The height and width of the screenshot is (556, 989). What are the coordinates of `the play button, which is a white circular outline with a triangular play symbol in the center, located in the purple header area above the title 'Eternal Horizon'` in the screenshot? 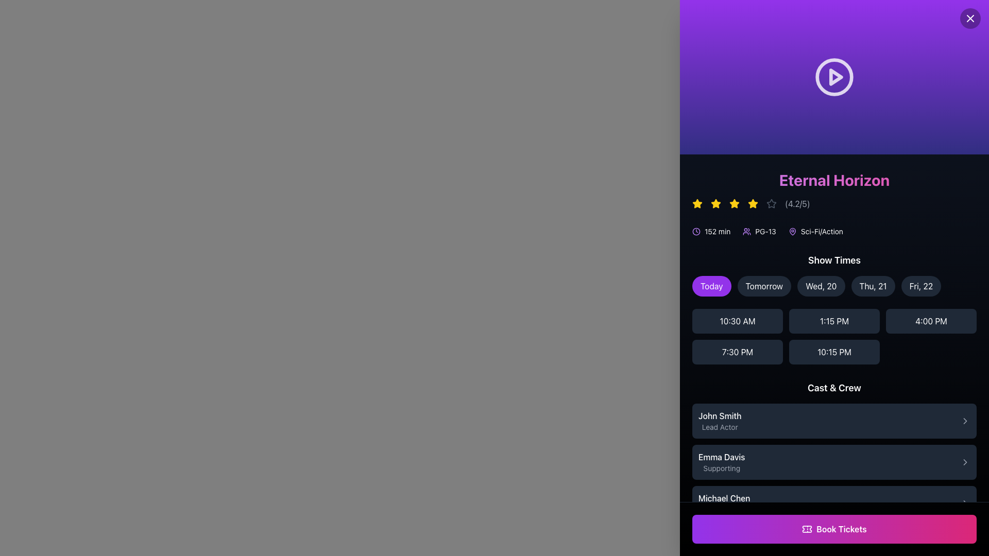 It's located at (834, 77).